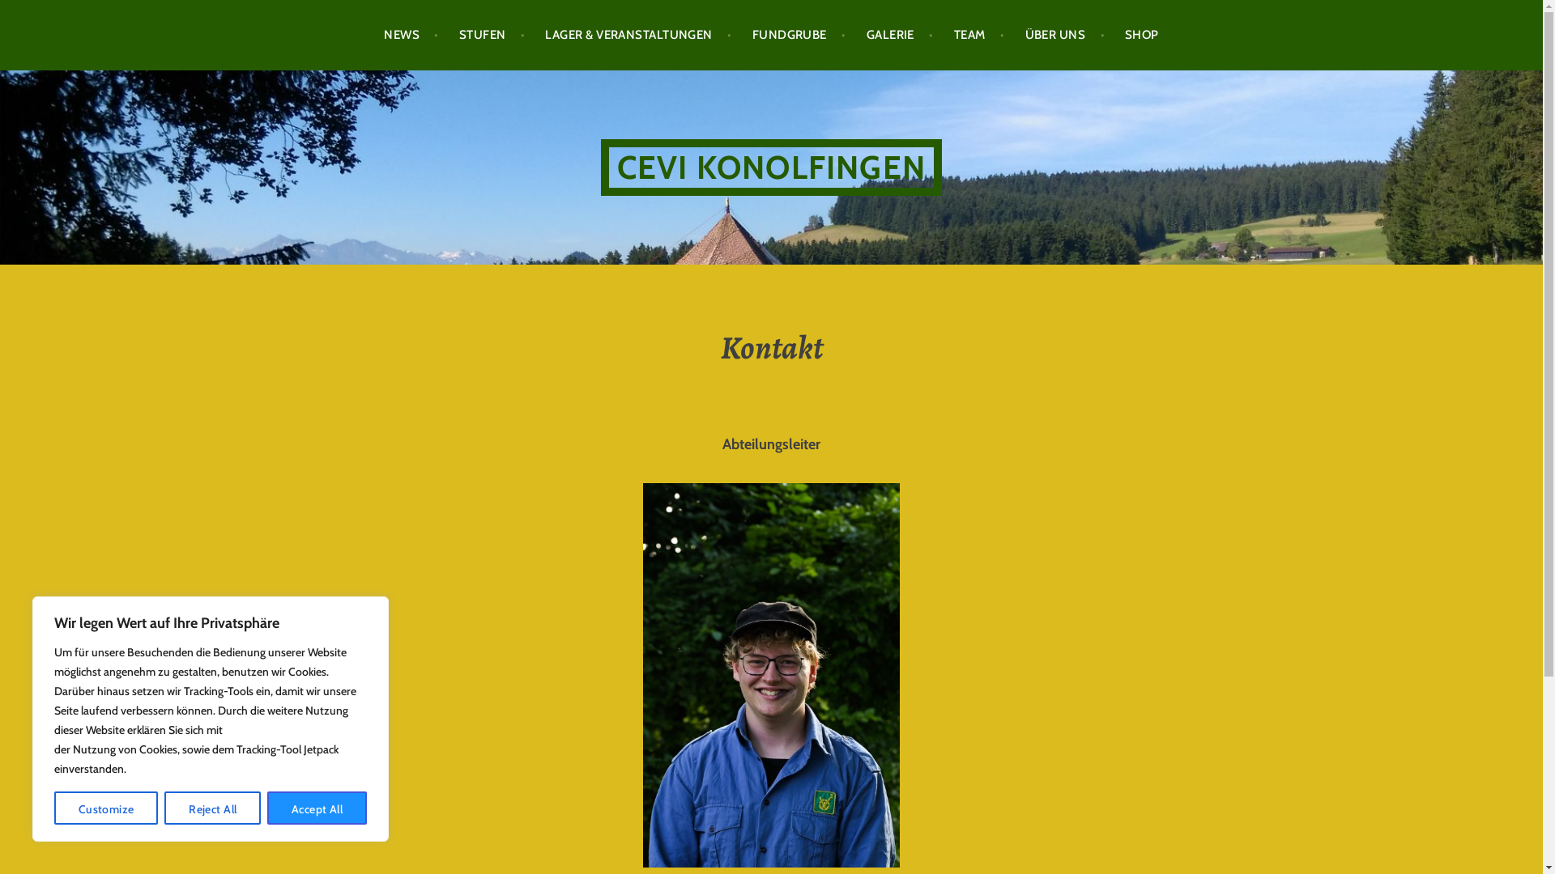  Describe the element at coordinates (978, 35) in the screenshot. I see `'TEAM'` at that location.